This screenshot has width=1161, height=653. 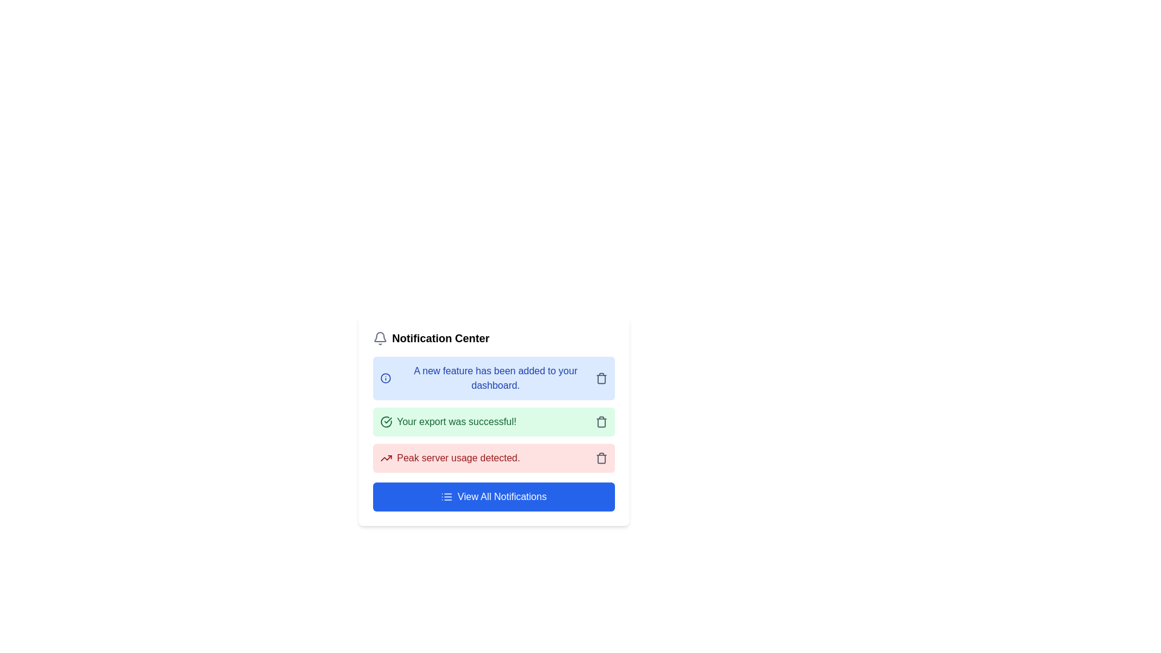 What do you see at coordinates (456, 421) in the screenshot?
I see `message displayed in the text field that says 'Your export was successful!', which is located within the second notification card in a vertically-stacked notification list` at bounding box center [456, 421].